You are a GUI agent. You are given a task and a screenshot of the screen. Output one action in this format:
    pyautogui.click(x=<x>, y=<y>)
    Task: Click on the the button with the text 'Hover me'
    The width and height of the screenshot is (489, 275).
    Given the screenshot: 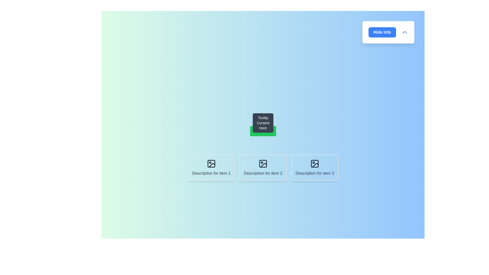 What is the action you would take?
    pyautogui.click(x=263, y=131)
    